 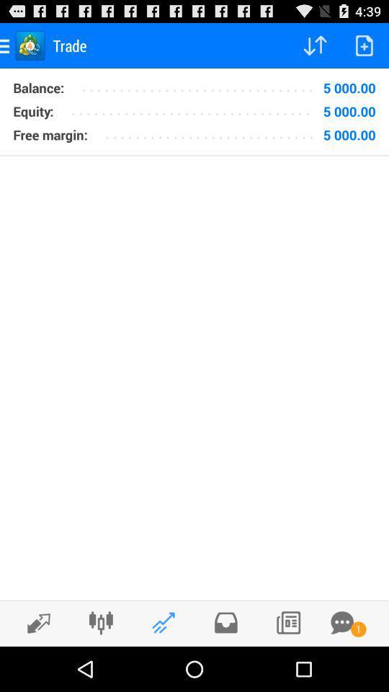 I want to click on the chat icon, so click(x=341, y=666).